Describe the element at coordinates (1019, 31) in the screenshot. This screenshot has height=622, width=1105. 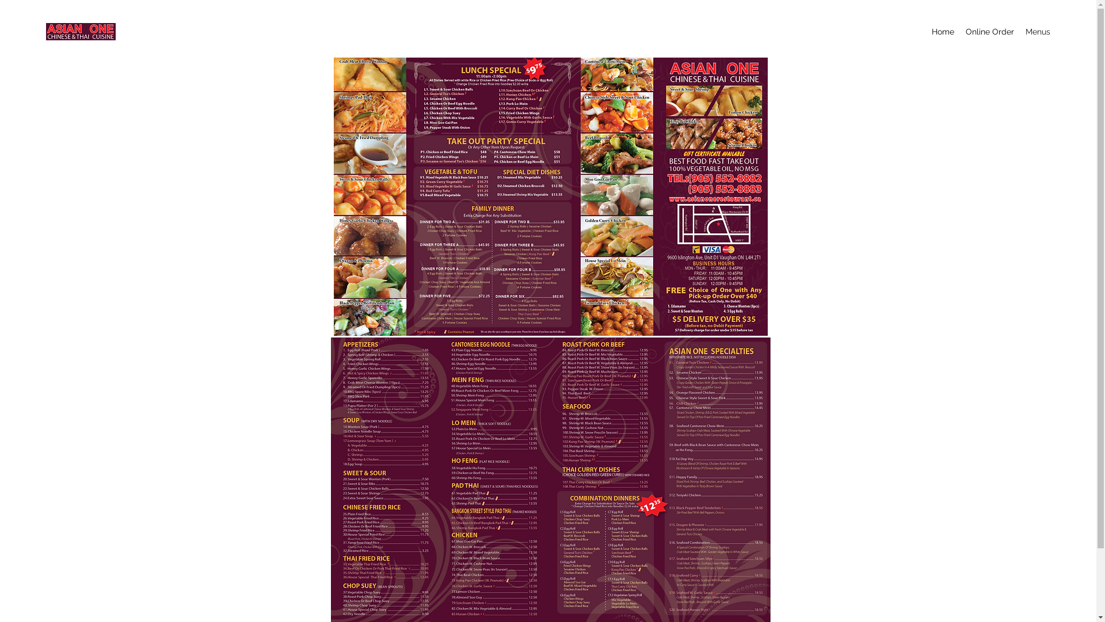
I see `'Menus'` at that location.